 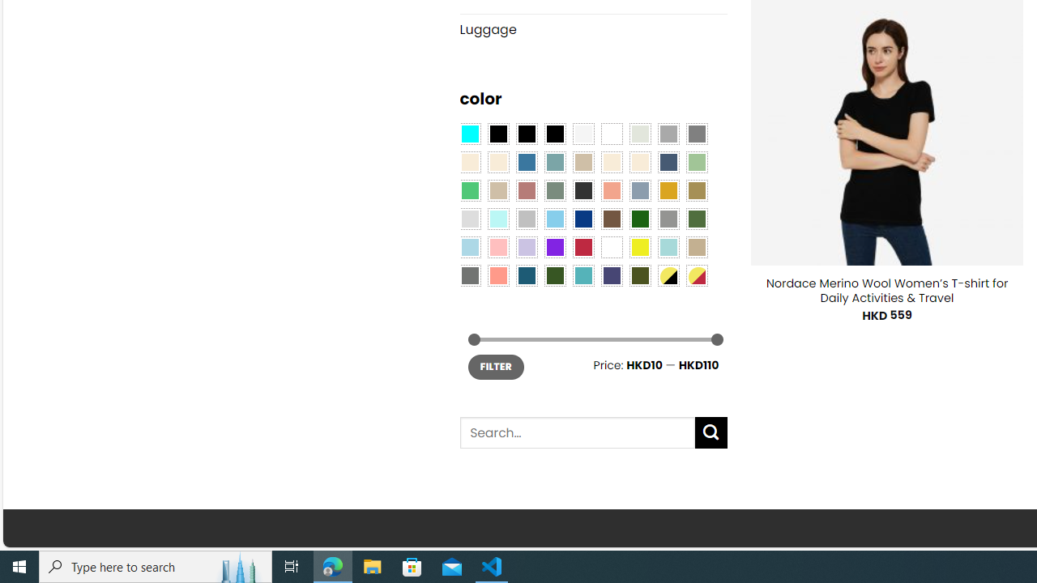 I want to click on 'Light Green', so click(x=697, y=162).